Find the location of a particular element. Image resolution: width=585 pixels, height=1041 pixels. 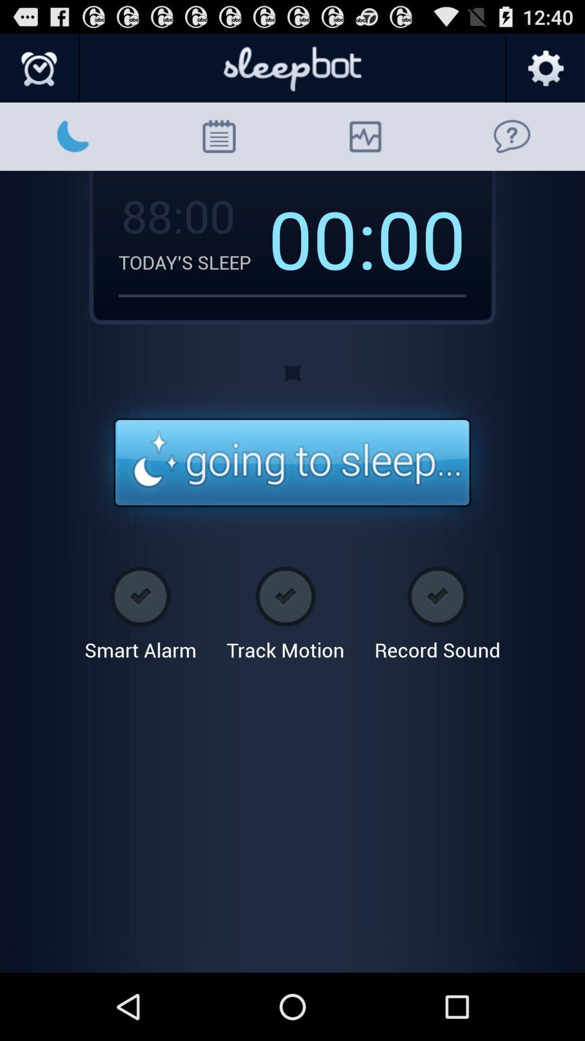

set alarm is located at coordinates (39, 68).